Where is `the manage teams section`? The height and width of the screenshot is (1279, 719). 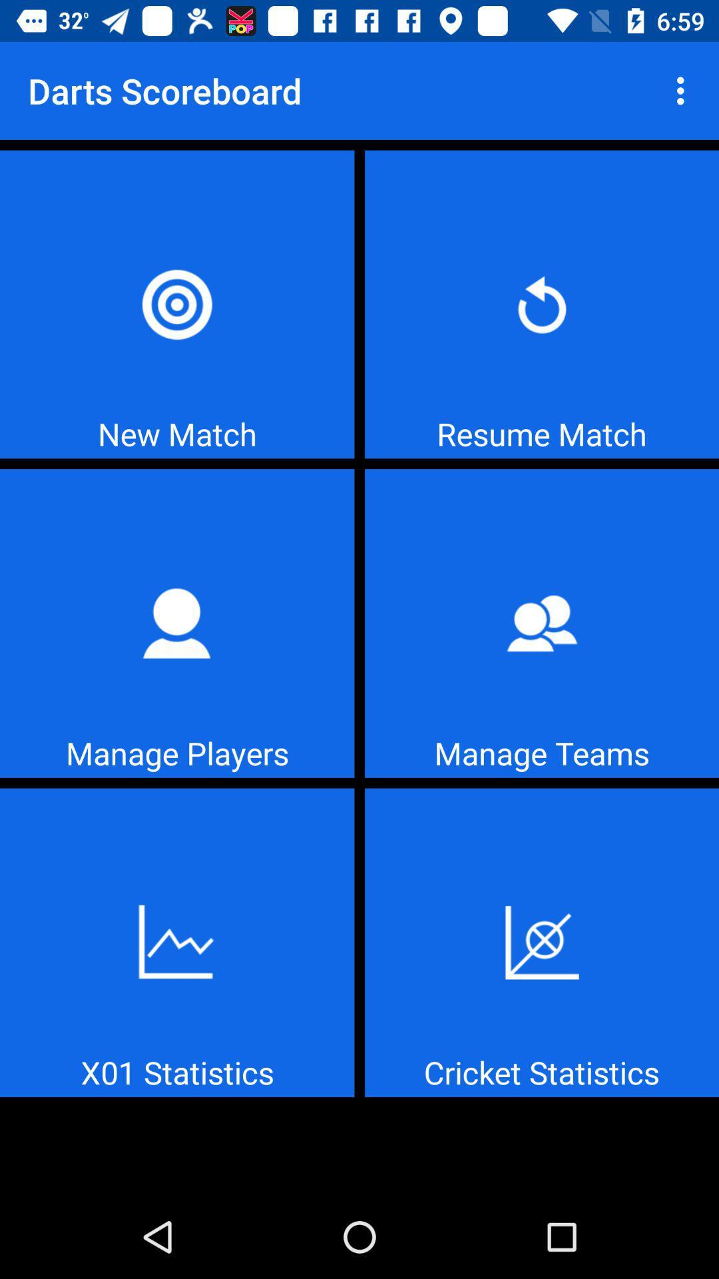 the manage teams section is located at coordinates (542, 623).